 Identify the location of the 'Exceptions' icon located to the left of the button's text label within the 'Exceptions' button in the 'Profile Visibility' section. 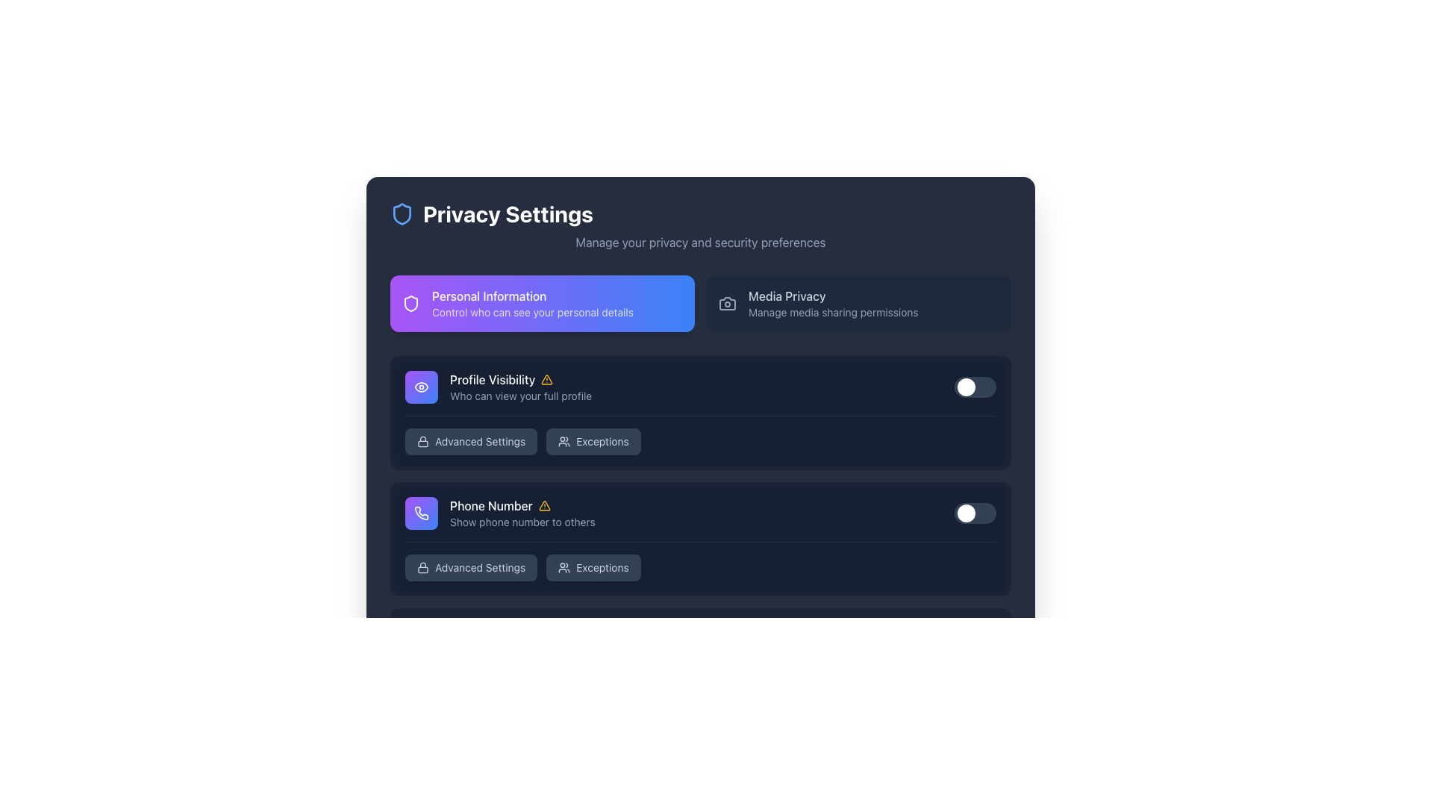
(563, 567).